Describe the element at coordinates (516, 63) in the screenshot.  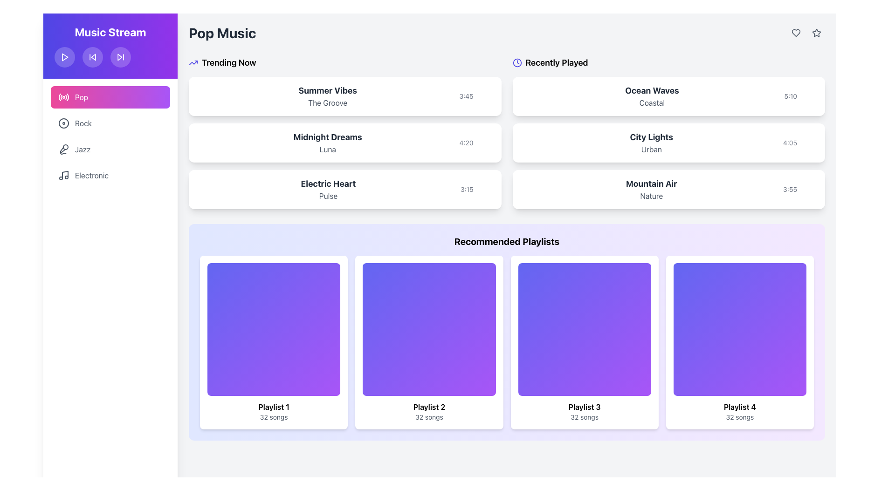
I see `the circular indigo clock icon located to the left of the 'Recently Played' text in the top-right section of the interface` at that location.